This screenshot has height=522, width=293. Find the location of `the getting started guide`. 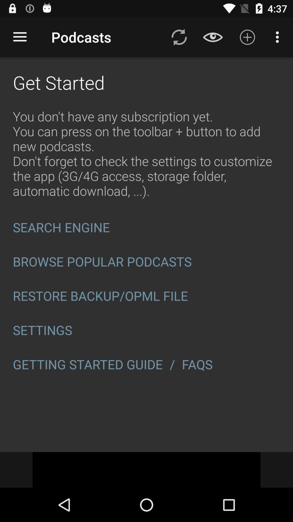

the getting started guide is located at coordinates (87, 364).